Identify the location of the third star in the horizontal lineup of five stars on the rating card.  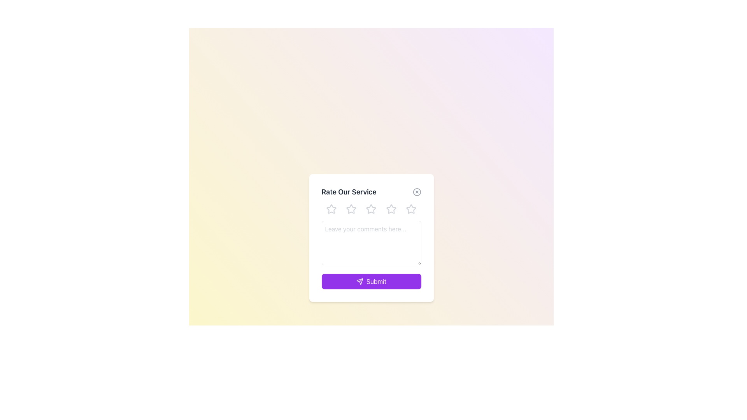
(371, 208).